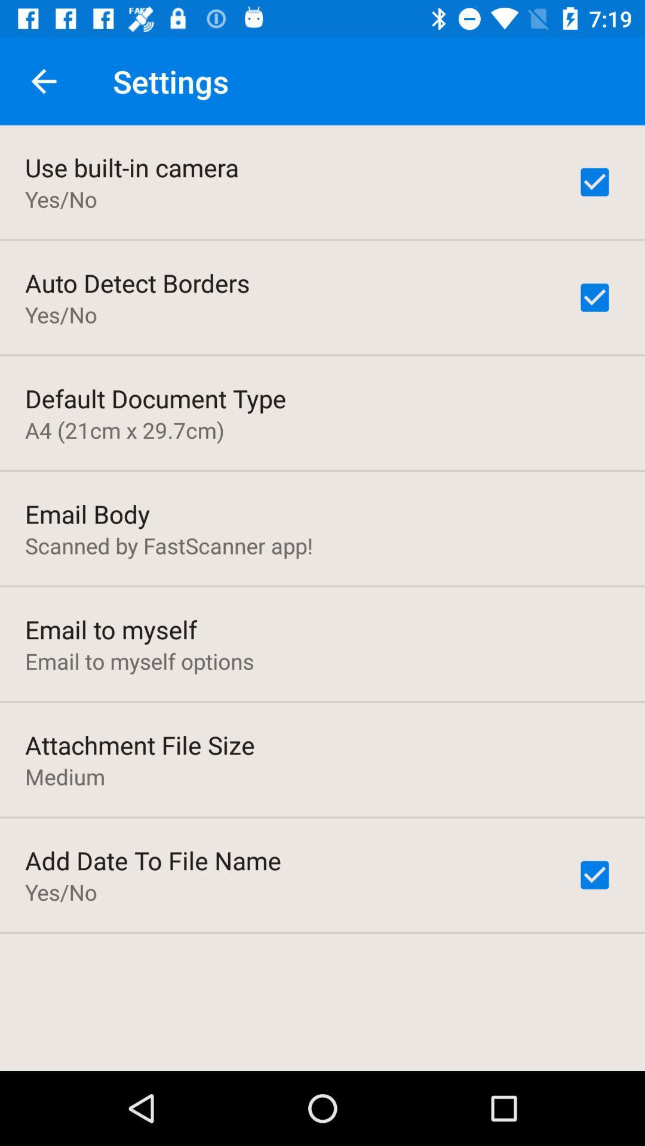 Image resolution: width=645 pixels, height=1146 pixels. I want to click on the item below default document type item, so click(124, 430).